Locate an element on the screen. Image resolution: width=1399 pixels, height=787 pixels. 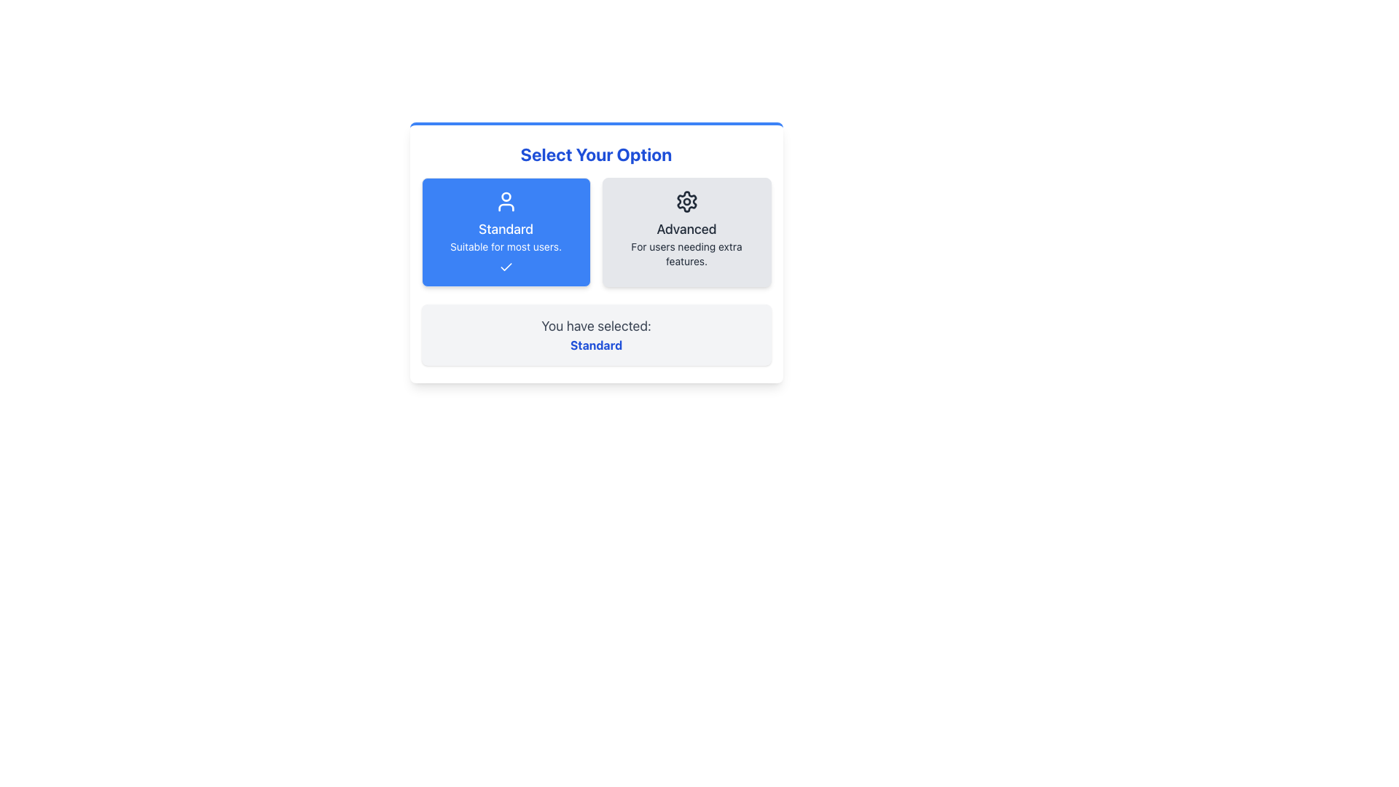
the advanced settings icon located in the middle-right part of the interface within the 'Advanced' card, which serves as a visual indication is located at coordinates (686, 202).